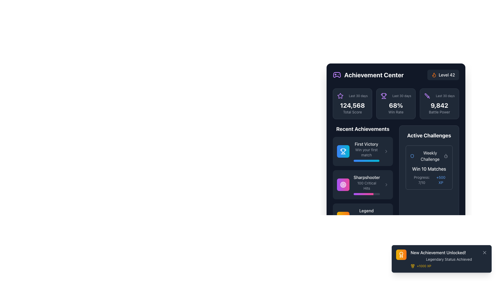  Describe the element at coordinates (445, 96) in the screenshot. I see `the informational Text label describing the time period for the 'Battle Power' statistic in the Achievement Center interface` at that location.